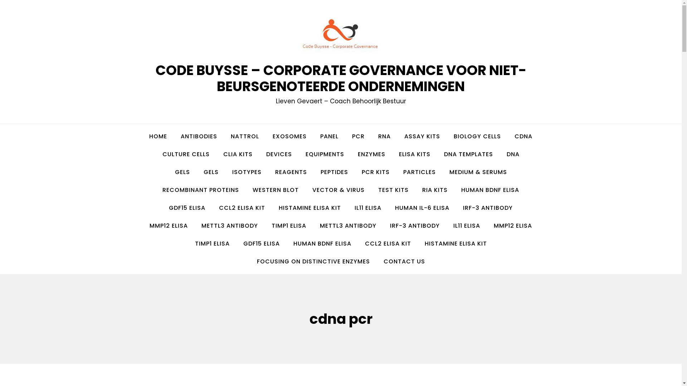 The image size is (687, 386). Describe the element at coordinates (422, 136) in the screenshot. I see `'ASSAY KITS'` at that location.